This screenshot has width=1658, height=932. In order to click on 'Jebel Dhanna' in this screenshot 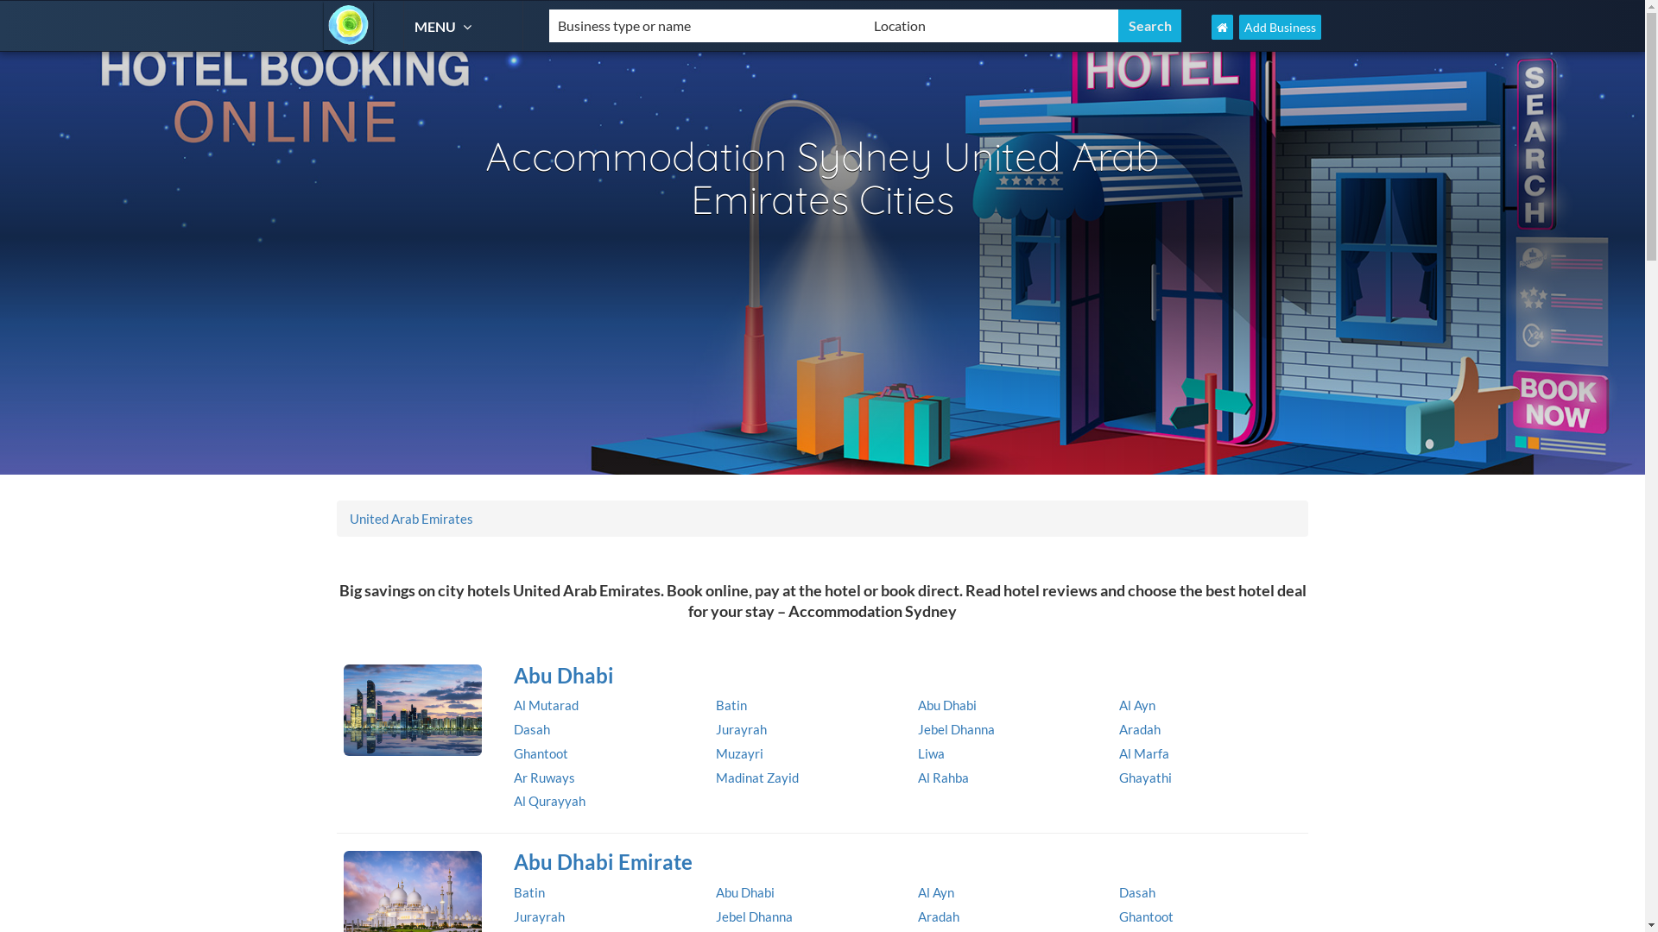, I will do `click(754, 915)`.